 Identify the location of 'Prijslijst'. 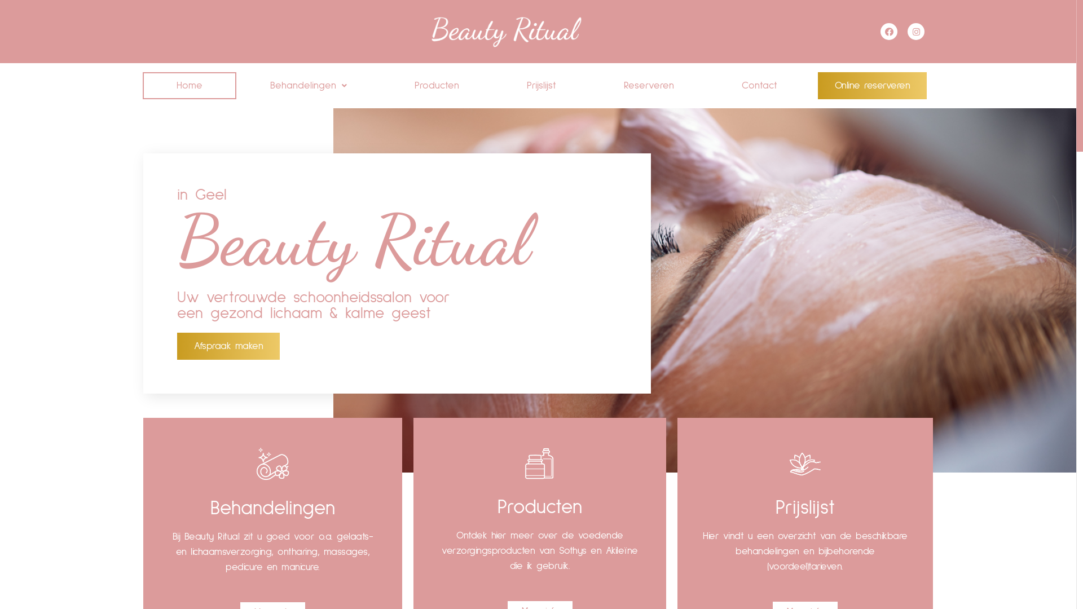
(492, 85).